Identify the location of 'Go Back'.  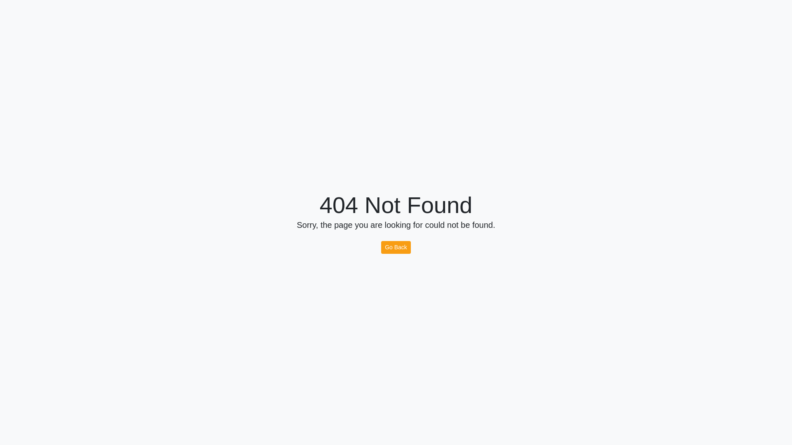
(396, 247).